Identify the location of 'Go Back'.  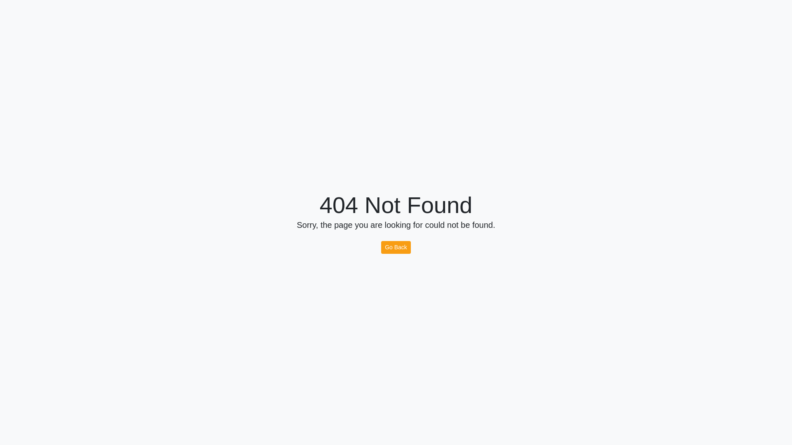
(396, 247).